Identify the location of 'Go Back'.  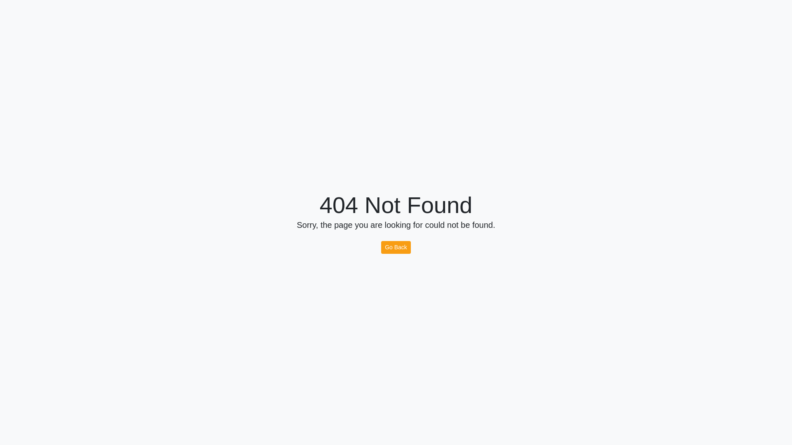
(396, 247).